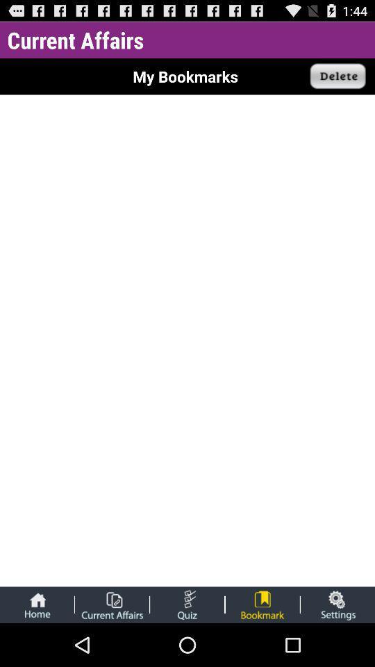 This screenshot has height=667, width=375. I want to click on delete button, so click(337, 76).